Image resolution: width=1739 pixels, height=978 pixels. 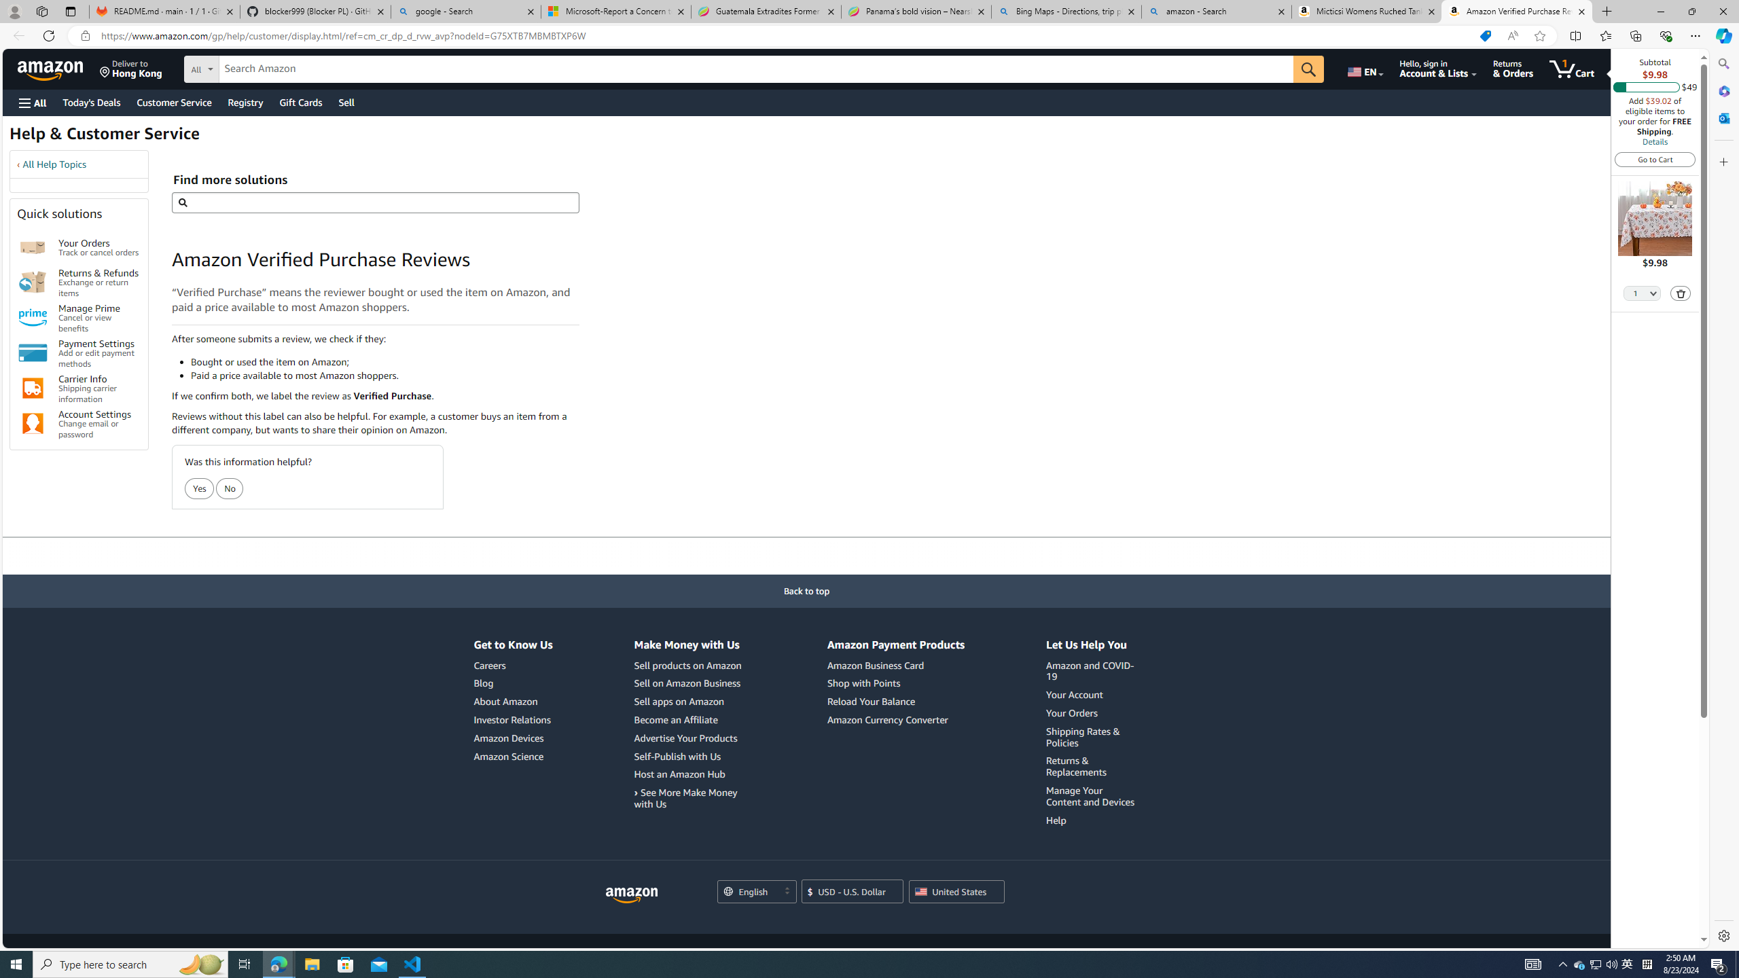 I want to click on 'Go', so click(x=1309, y=69).